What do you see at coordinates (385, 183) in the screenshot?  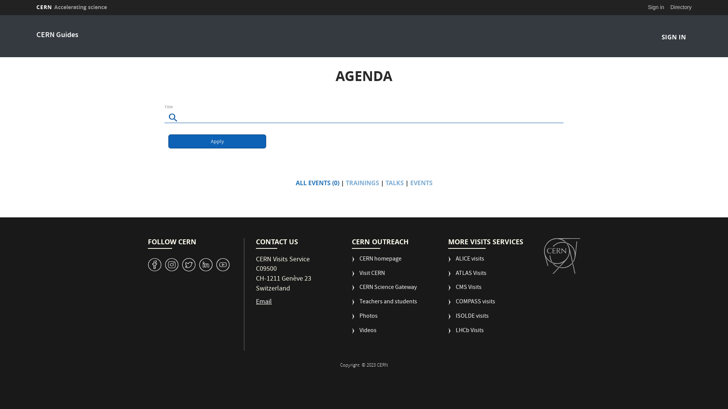 I see `'TALKS'` at bounding box center [385, 183].